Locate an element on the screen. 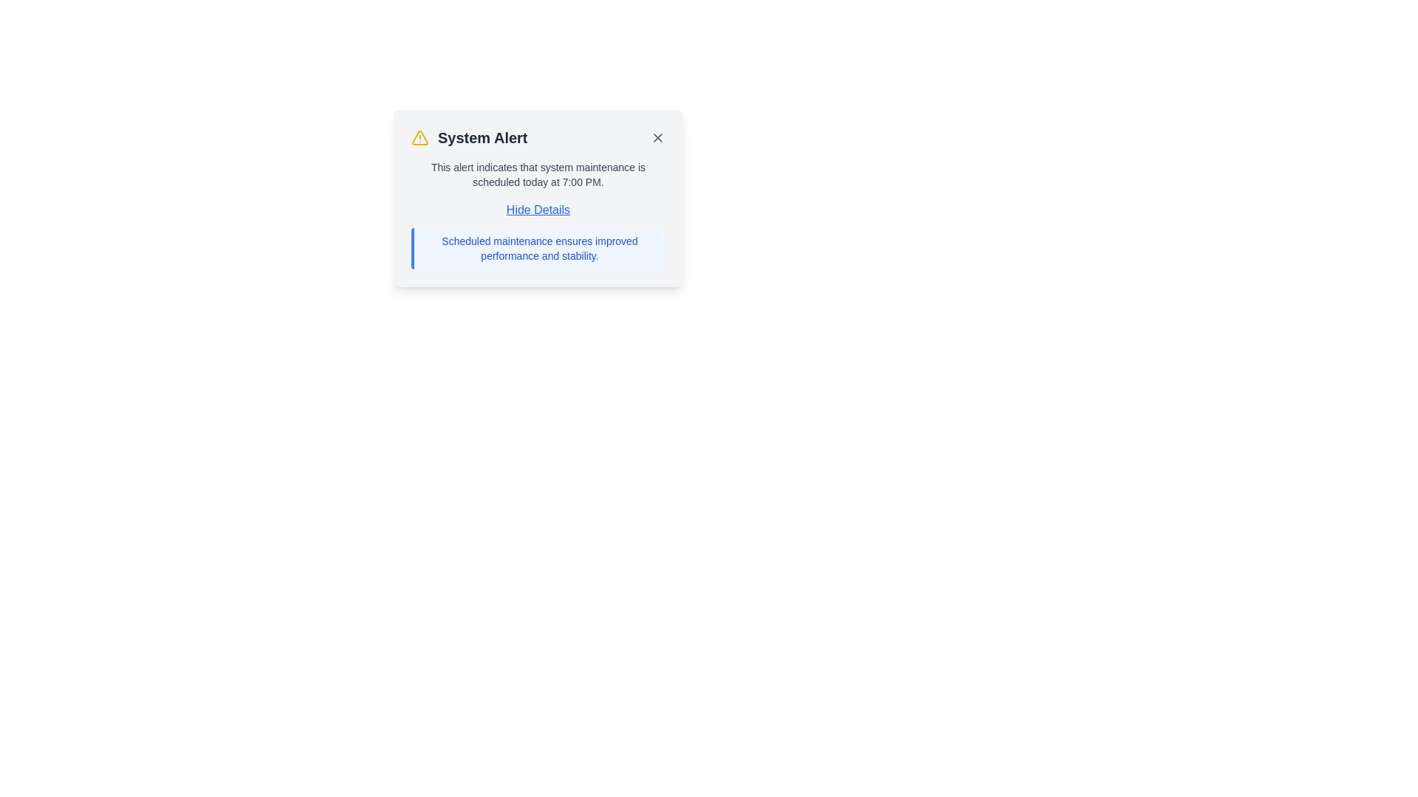 The image size is (1418, 797). the interactive text link labeled 'Hide Details' is located at coordinates (538, 210).